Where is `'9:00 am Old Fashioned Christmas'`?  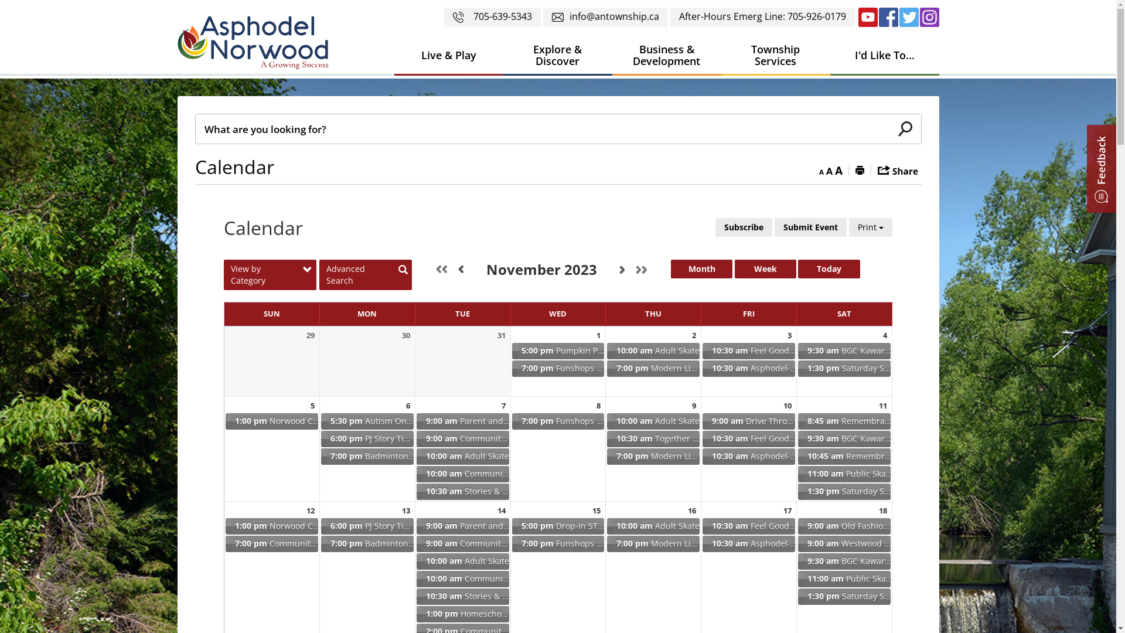 '9:00 am Old Fashioned Christmas' is located at coordinates (844, 526).